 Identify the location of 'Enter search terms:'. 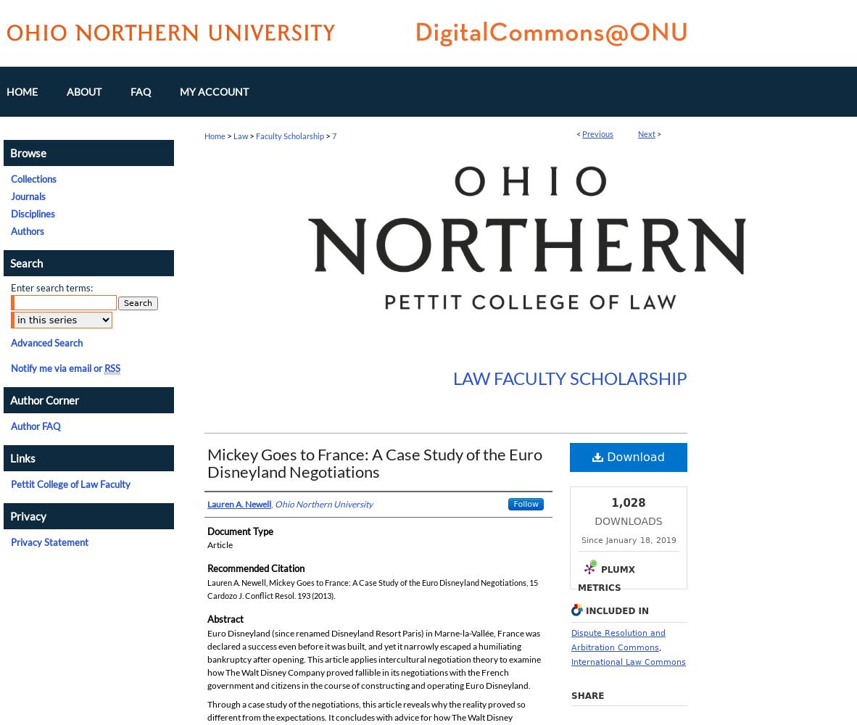
(51, 288).